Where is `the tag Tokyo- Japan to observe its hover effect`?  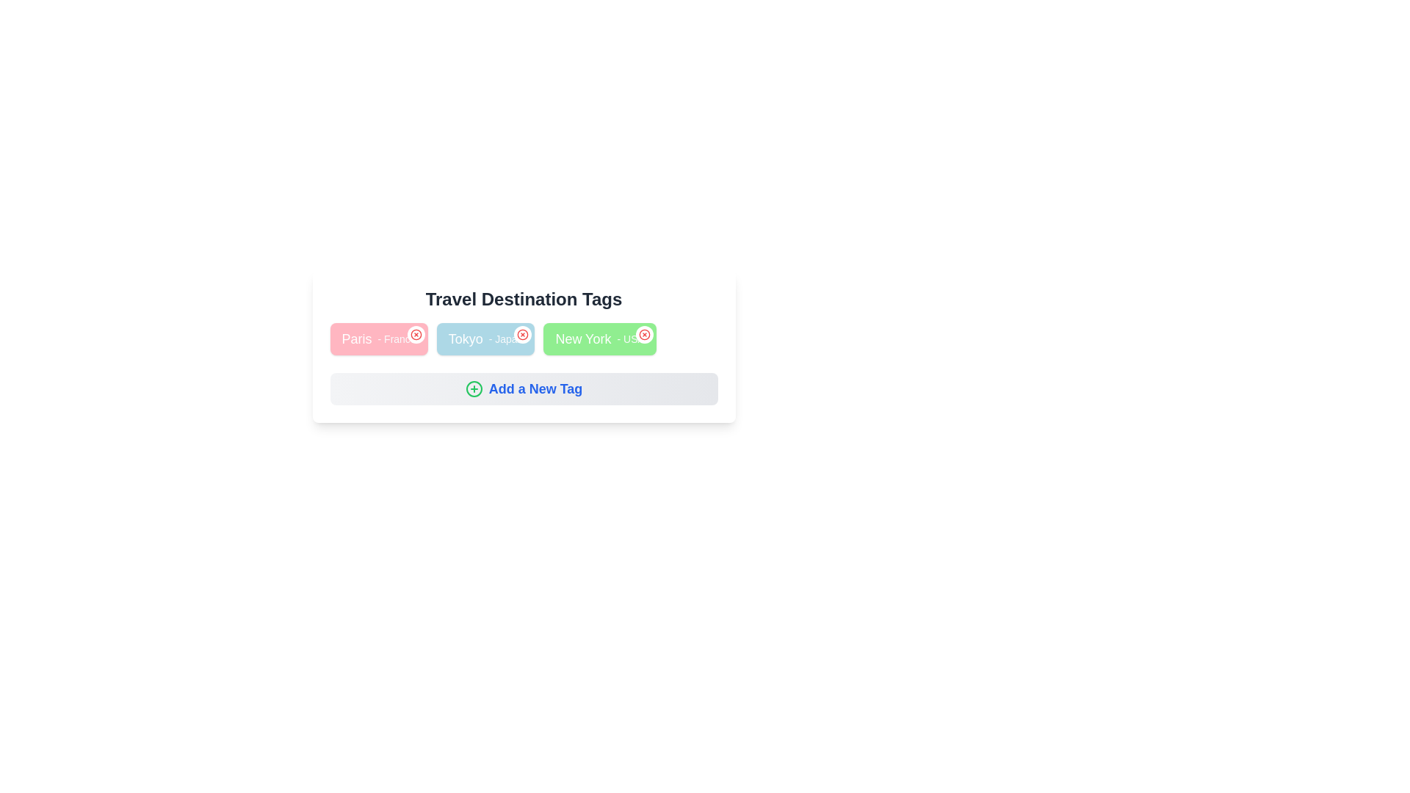
the tag Tokyo- Japan to observe its hover effect is located at coordinates (485, 339).